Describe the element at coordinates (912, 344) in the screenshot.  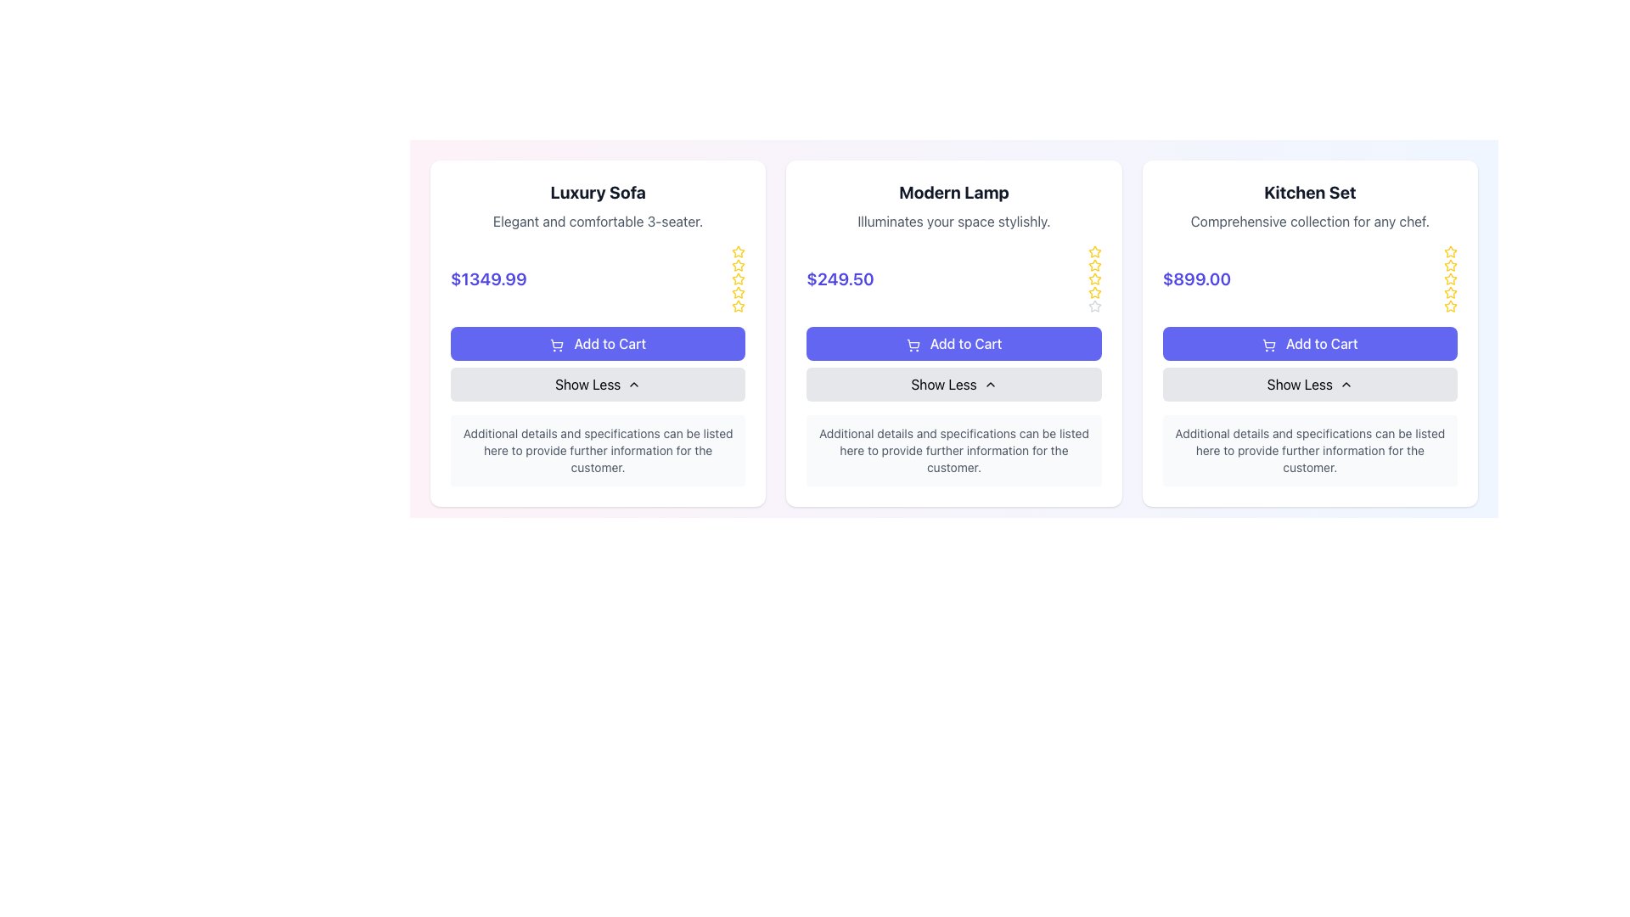
I see `the 'Add to Cart' button associated with the 'Modern Lamp'` at that location.